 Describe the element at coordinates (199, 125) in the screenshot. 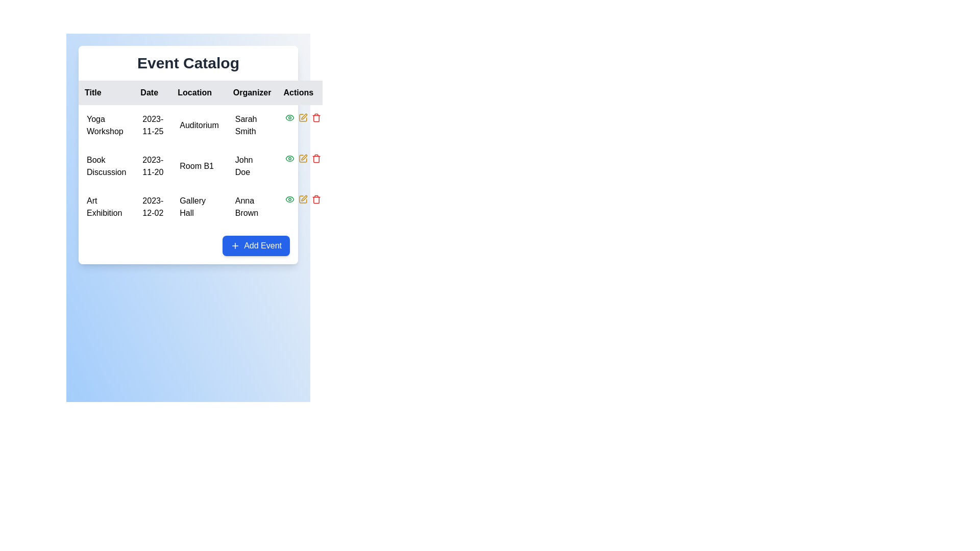

I see `the static text element displaying 'Auditorium' located in the 'Location' column of the table` at that location.